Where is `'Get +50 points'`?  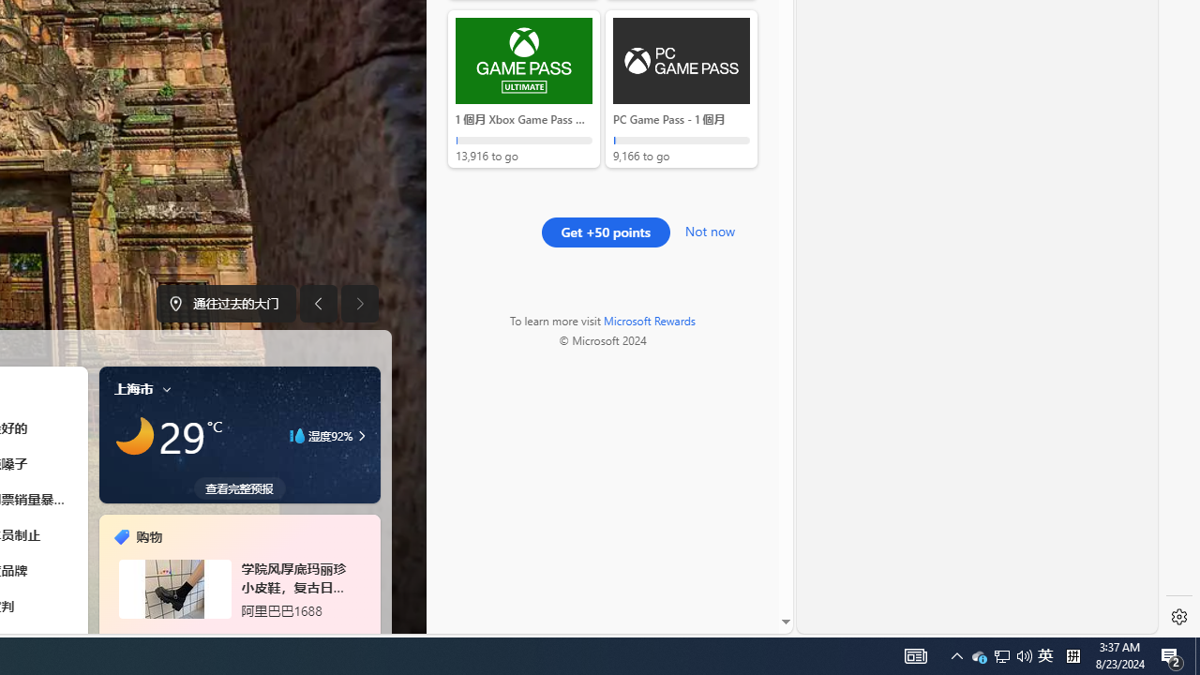 'Get +50 points' is located at coordinates (606, 232).